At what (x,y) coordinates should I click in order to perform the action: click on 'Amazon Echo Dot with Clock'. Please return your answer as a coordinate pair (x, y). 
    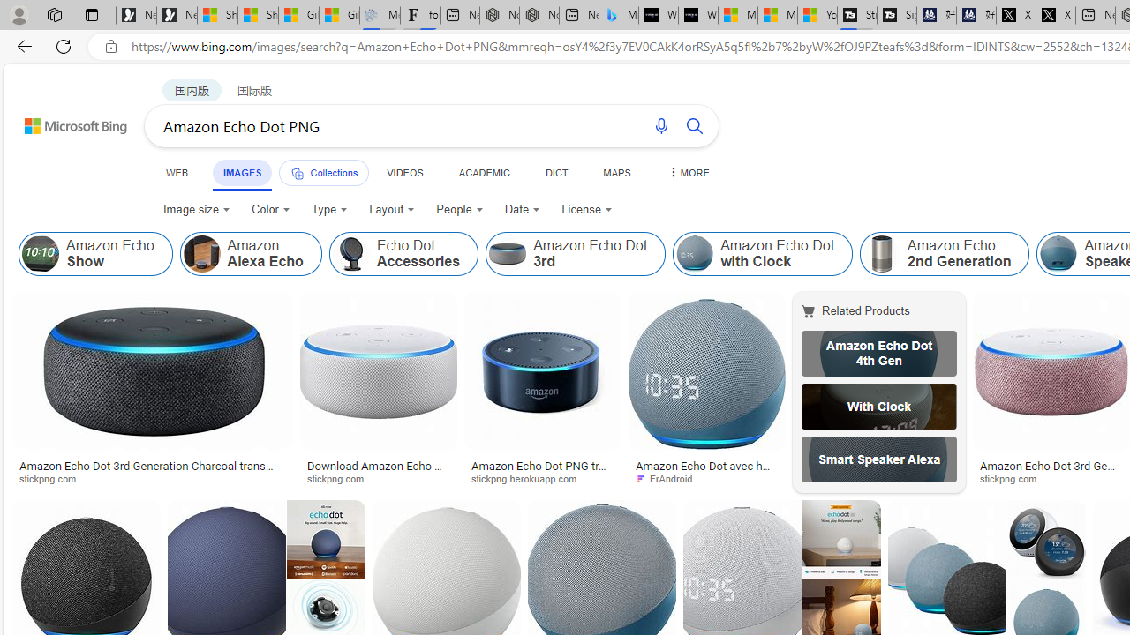
    Looking at the image, I should click on (763, 254).